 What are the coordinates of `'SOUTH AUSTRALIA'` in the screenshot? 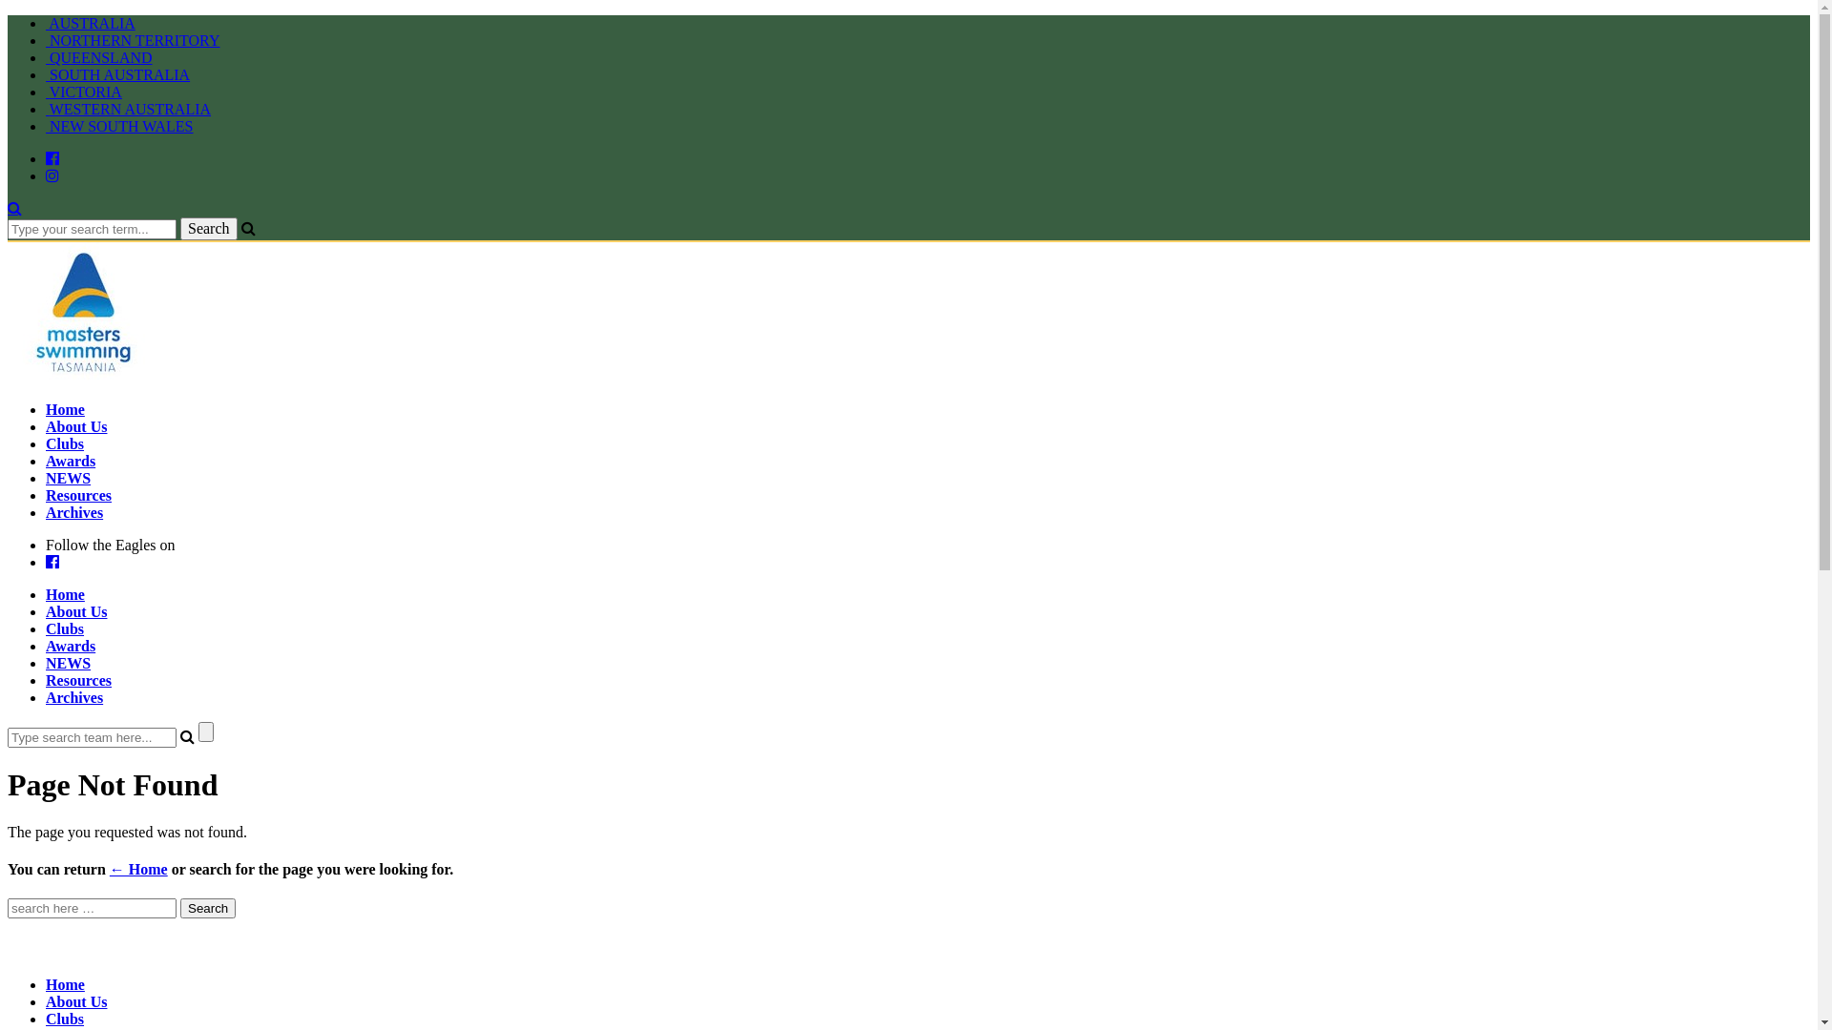 It's located at (116, 73).